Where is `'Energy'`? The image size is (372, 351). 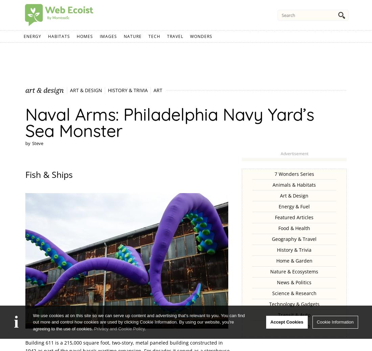 'Energy' is located at coordinates (32, 36).